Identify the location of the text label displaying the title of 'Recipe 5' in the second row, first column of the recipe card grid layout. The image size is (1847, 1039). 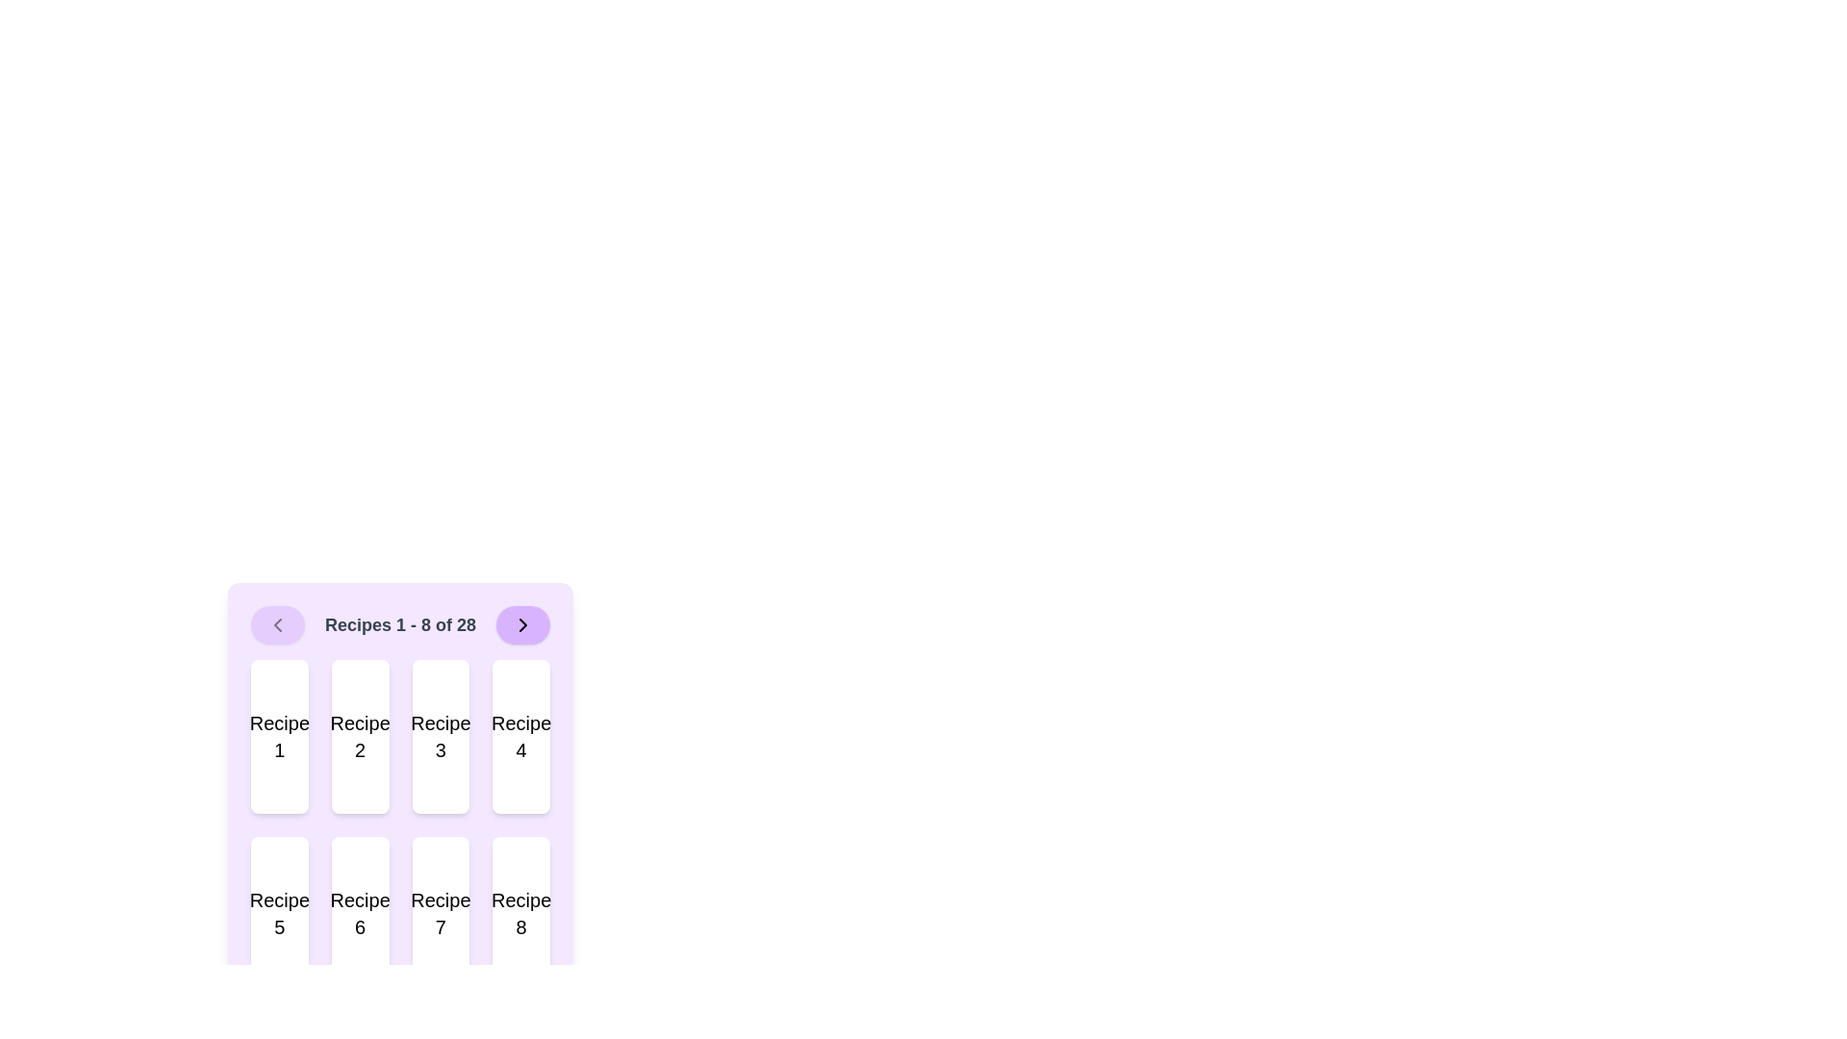
(278, 912).